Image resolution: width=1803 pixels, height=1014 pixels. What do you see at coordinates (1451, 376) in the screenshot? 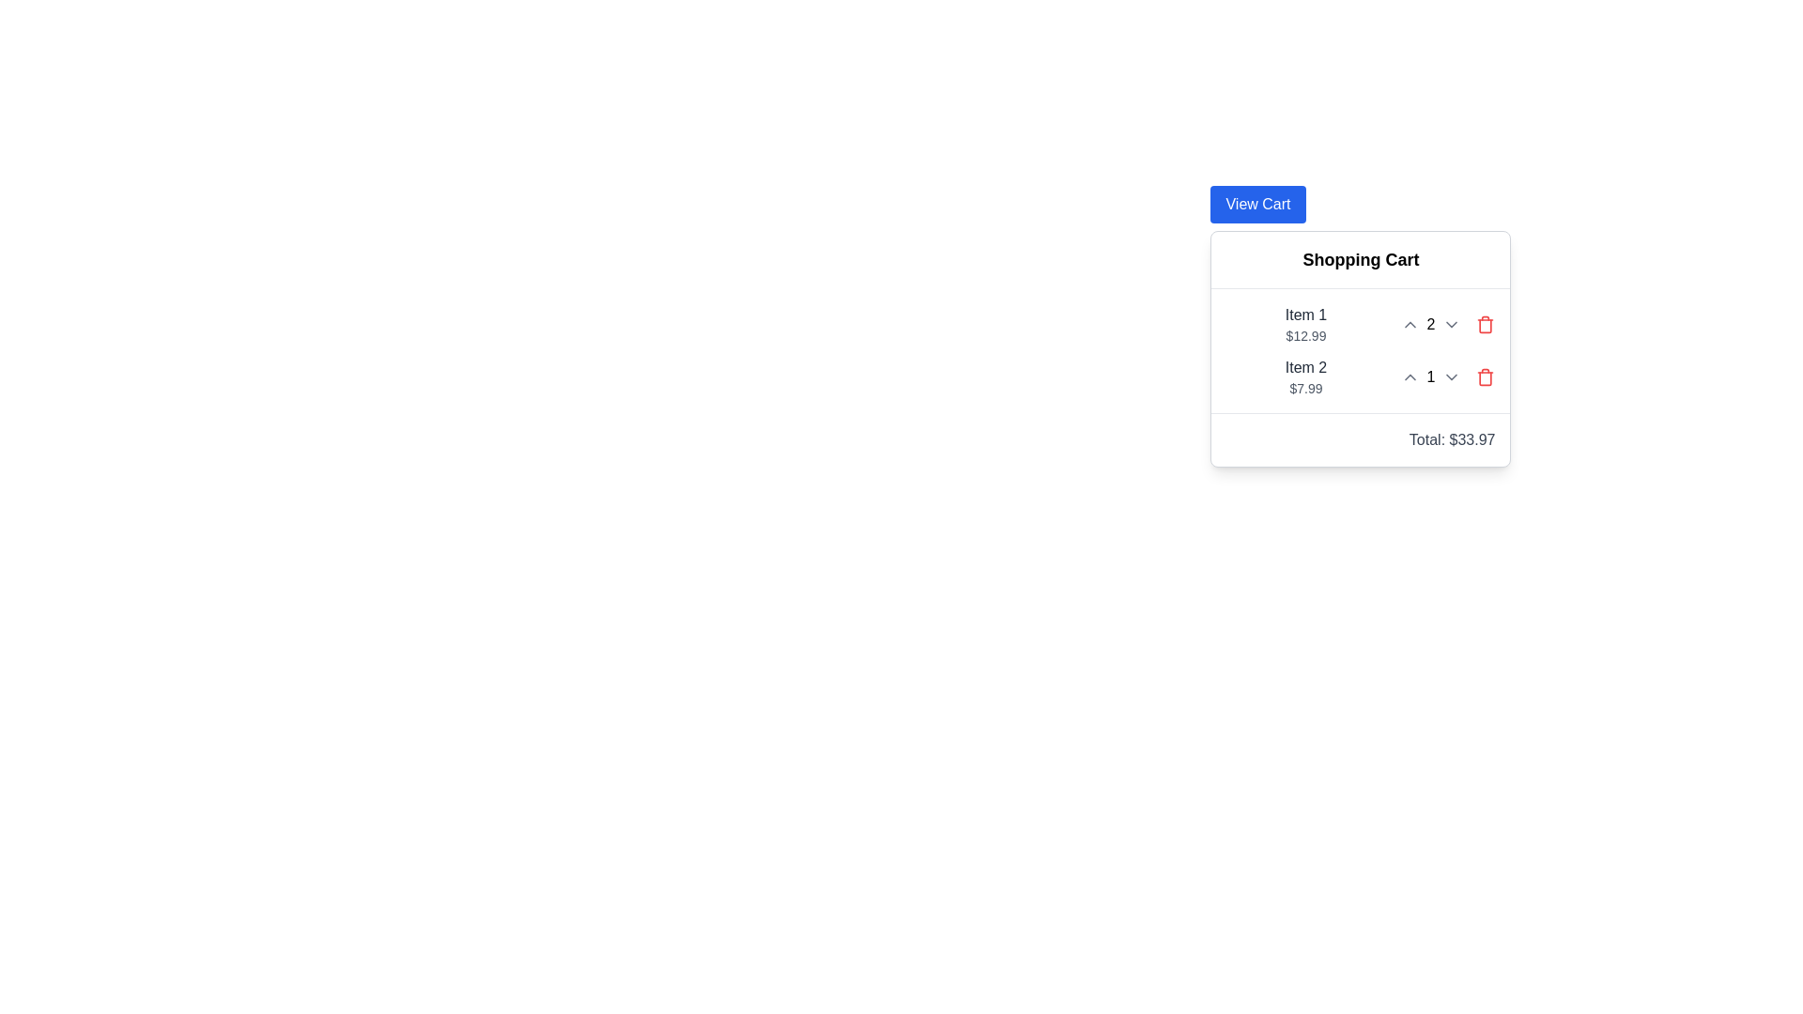
I see `the downward-pointing gray arrow dropdown toggle icon next to the quantity number for 'Item 2' in the shopping cart interface` at bounding box center [1451, 376].